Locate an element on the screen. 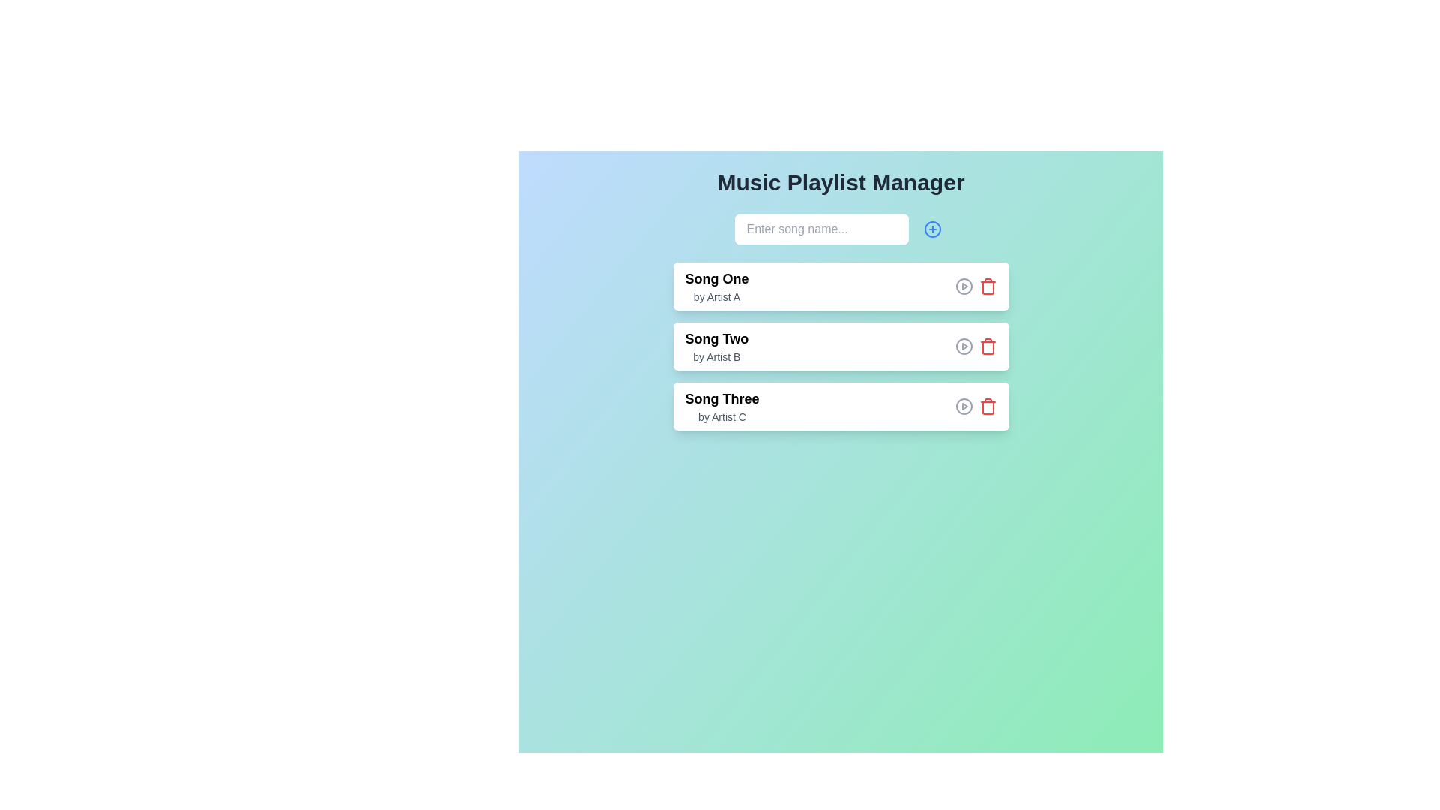 The width and height of the screenshot is (1440, 810). the trash bin icon located to the right of the entry labeled 'Song Two' is located at coordinates (988, 346).